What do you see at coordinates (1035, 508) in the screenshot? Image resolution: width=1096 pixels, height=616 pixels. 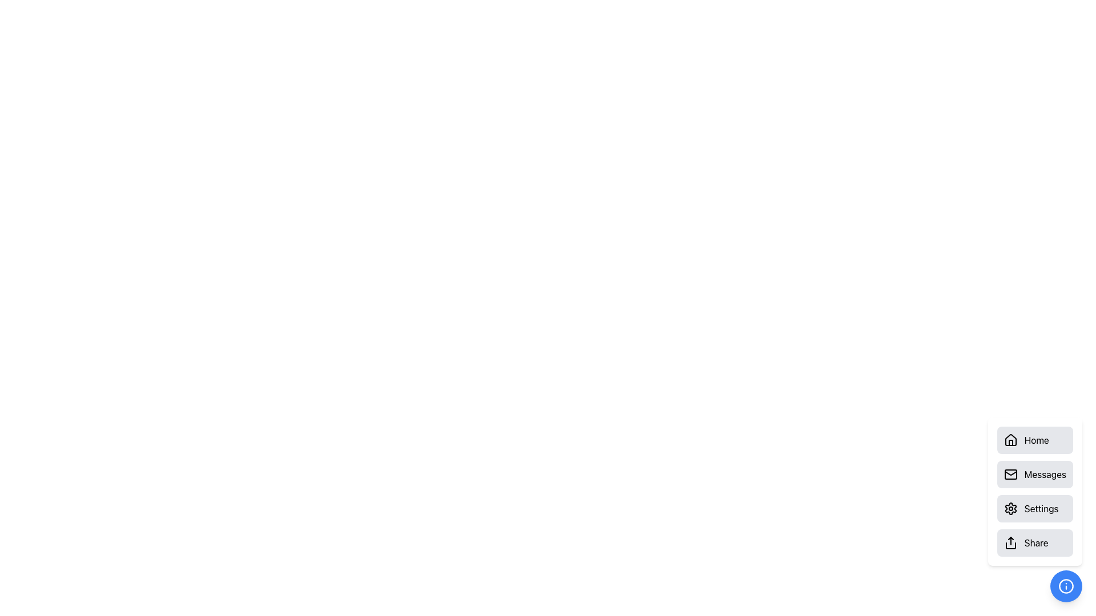 I see `the settings button, which is the third button in a vertical list located below the 'Messages' button and above the 'Share' button` at bounding box center [1035, 508].